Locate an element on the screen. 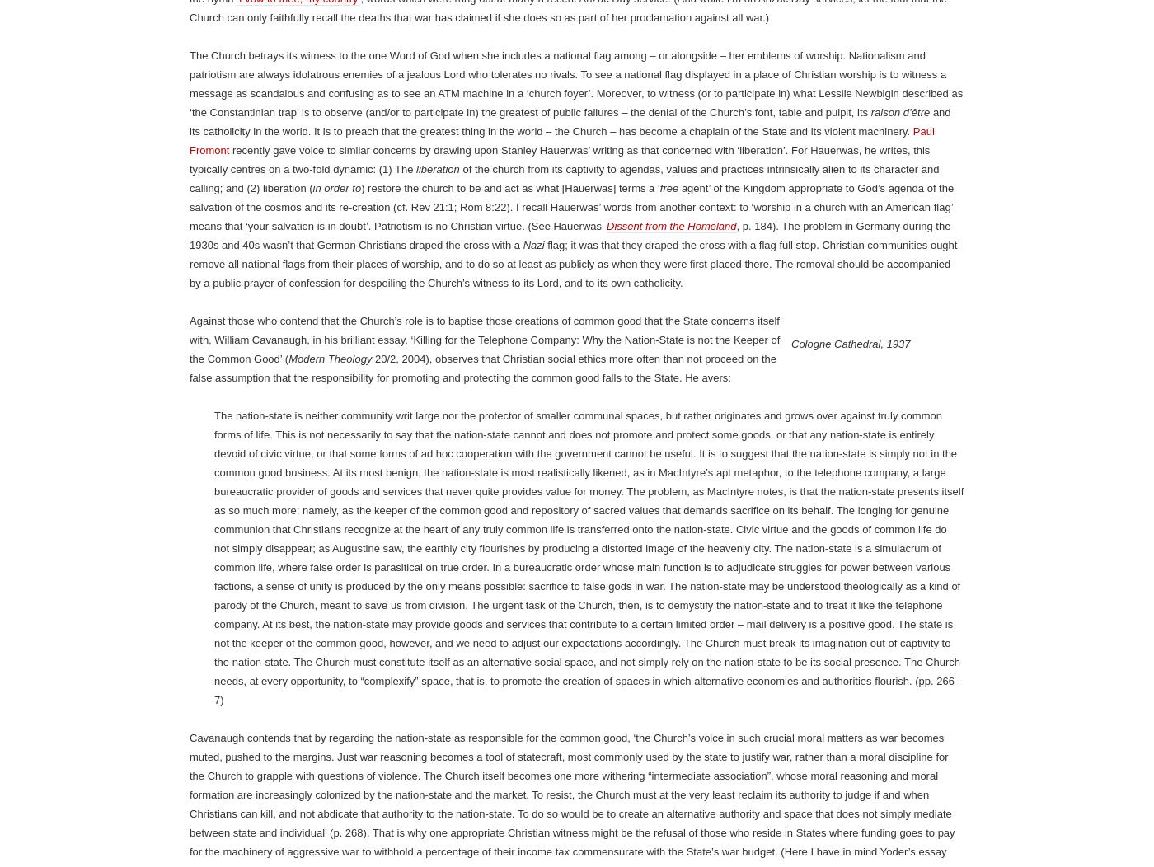 The height and width of the screenshot is (867, 1154). 'agent’ of the Kingdom appropriate to God’s agenda of the salvation of the cosmos and its re-creation (cf. Rev 21:1; Rom 8:22). I recall Hauerwas’ words from another context: to ‘worship in a church with an American flag’ means that ‘your salvation is in doubt’. Patriotism is no Christian virtue. (See Hauerwas’' is located at coordinates (571, 838).